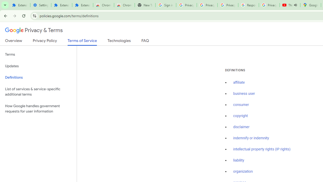 The image size is (323, 182). What do you see at coordinates (103, 5) in the screenshot?
I see `'Chrome Web Store'` at bounding box center [103, 5].